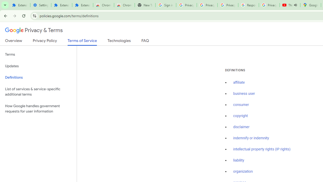 The image size is (323, 182). What do you see at coordinates (103, 5) in the screenshot?
I see `'Chrome Web Store'` at bounding box center [103, 5].